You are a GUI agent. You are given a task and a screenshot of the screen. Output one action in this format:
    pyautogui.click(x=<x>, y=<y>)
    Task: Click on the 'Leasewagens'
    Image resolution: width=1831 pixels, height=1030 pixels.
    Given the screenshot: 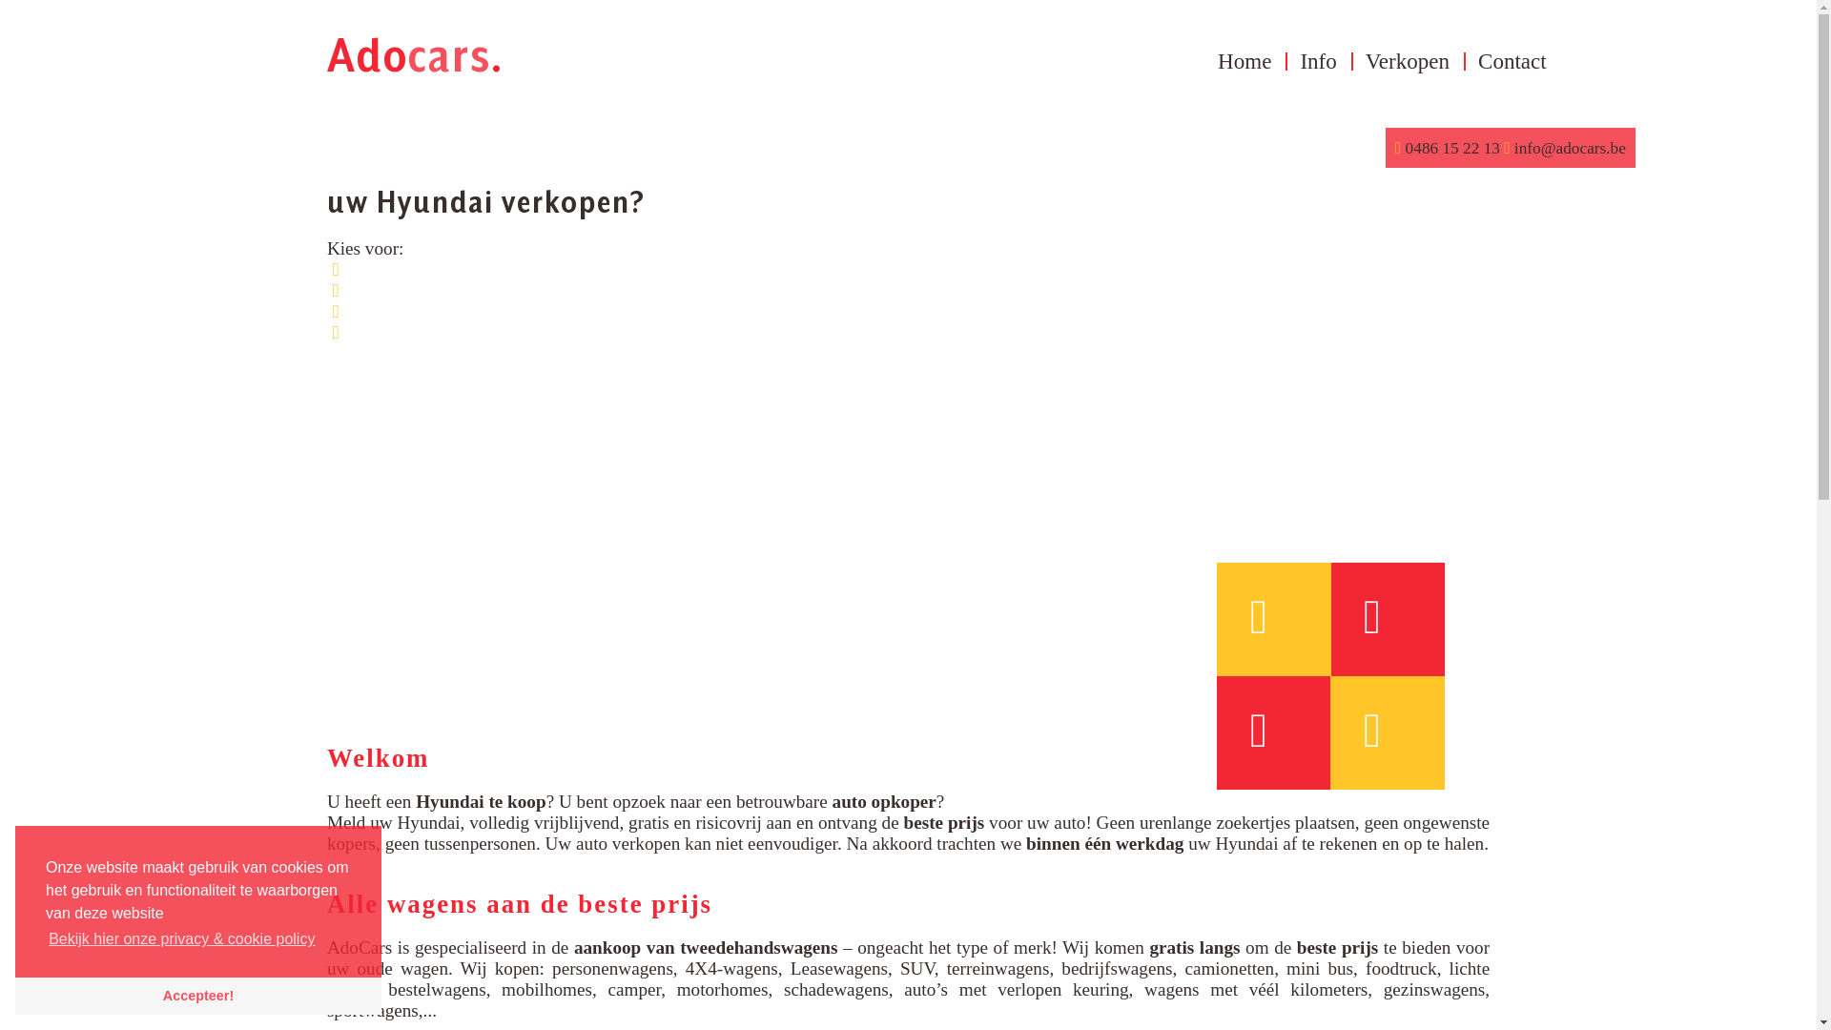 What is the action you would take?
    pyautogui.click(x=791, y=968)
    